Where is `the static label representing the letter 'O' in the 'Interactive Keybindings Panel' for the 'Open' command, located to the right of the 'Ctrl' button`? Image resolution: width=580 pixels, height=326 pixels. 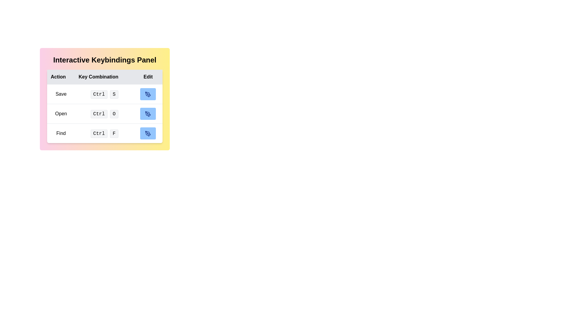 the static label representing the letter 'O' in the 'Interactive Keybindings Panel' for the 'Open' command, located to the right of the 'Ctrl' button is located at coordinates (114, 114).